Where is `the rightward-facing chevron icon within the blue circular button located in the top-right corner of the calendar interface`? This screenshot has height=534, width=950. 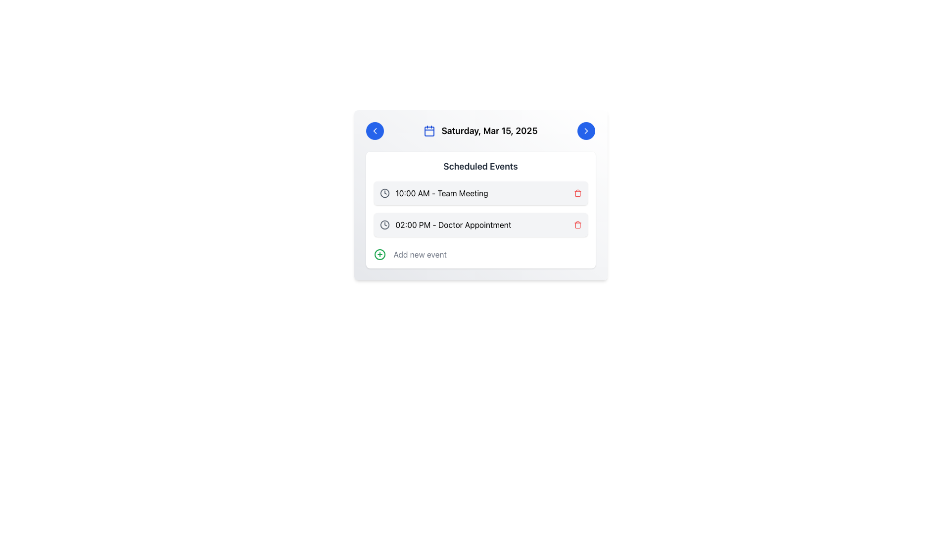
the rightward-facing chevron icon within the blue circular button located in the top-right corner of the calendar interface is located at coordinates (586, 131).